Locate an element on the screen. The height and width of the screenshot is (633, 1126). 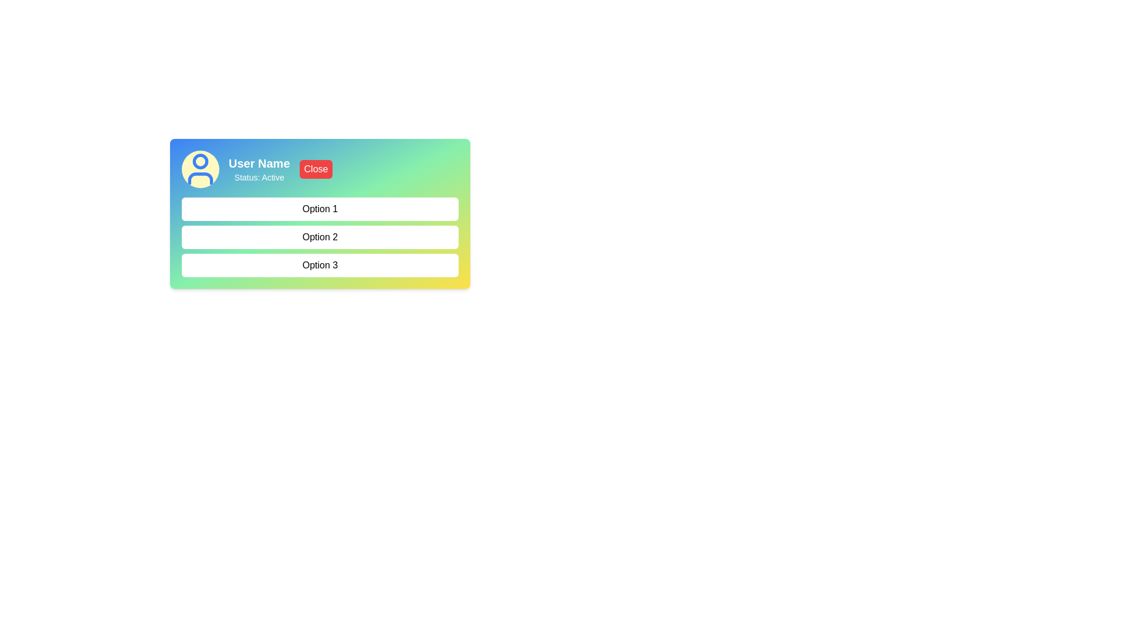
user status from the User Information Header with Close Button, which displays 'Status: Active' below the 'User Name' is located at coordinates (320, 169).